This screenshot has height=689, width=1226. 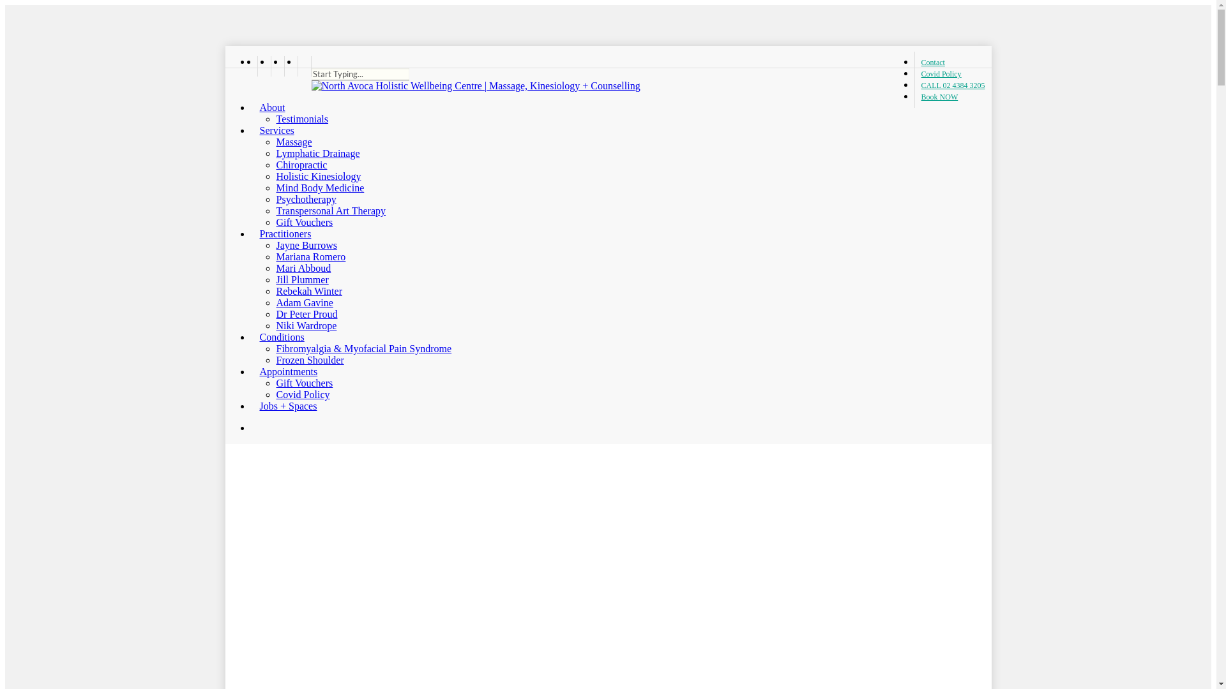 I want to click on 'Covid Policy', so click(x=302, y=394).